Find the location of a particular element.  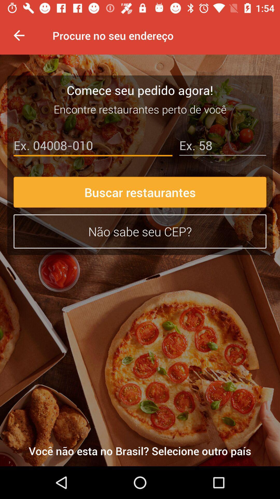

house number is located at coordinates (222, 146).